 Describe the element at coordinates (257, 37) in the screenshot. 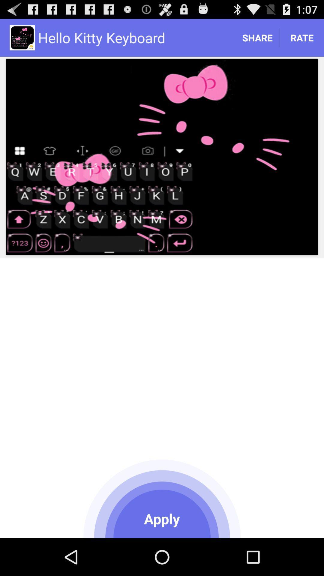

I see `icon next to the rate` at that location.